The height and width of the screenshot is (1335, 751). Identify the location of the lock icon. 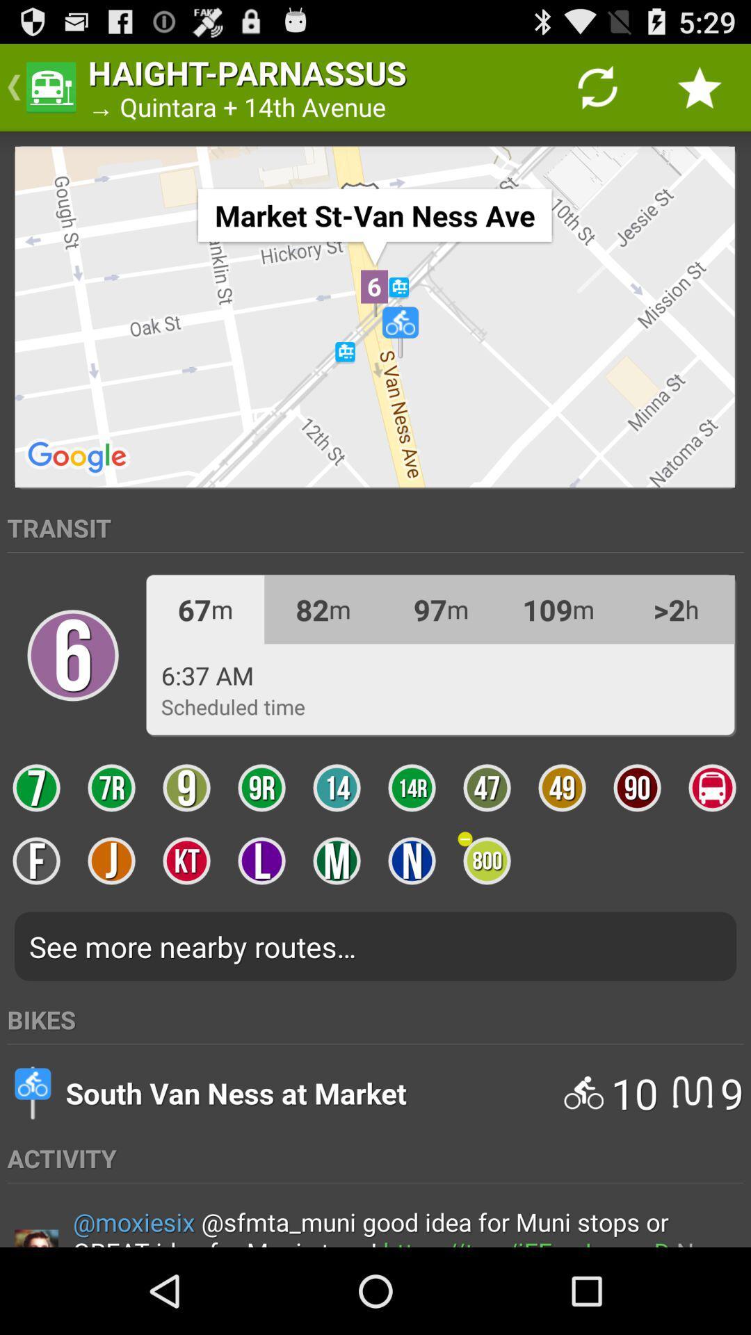
(72, 701).